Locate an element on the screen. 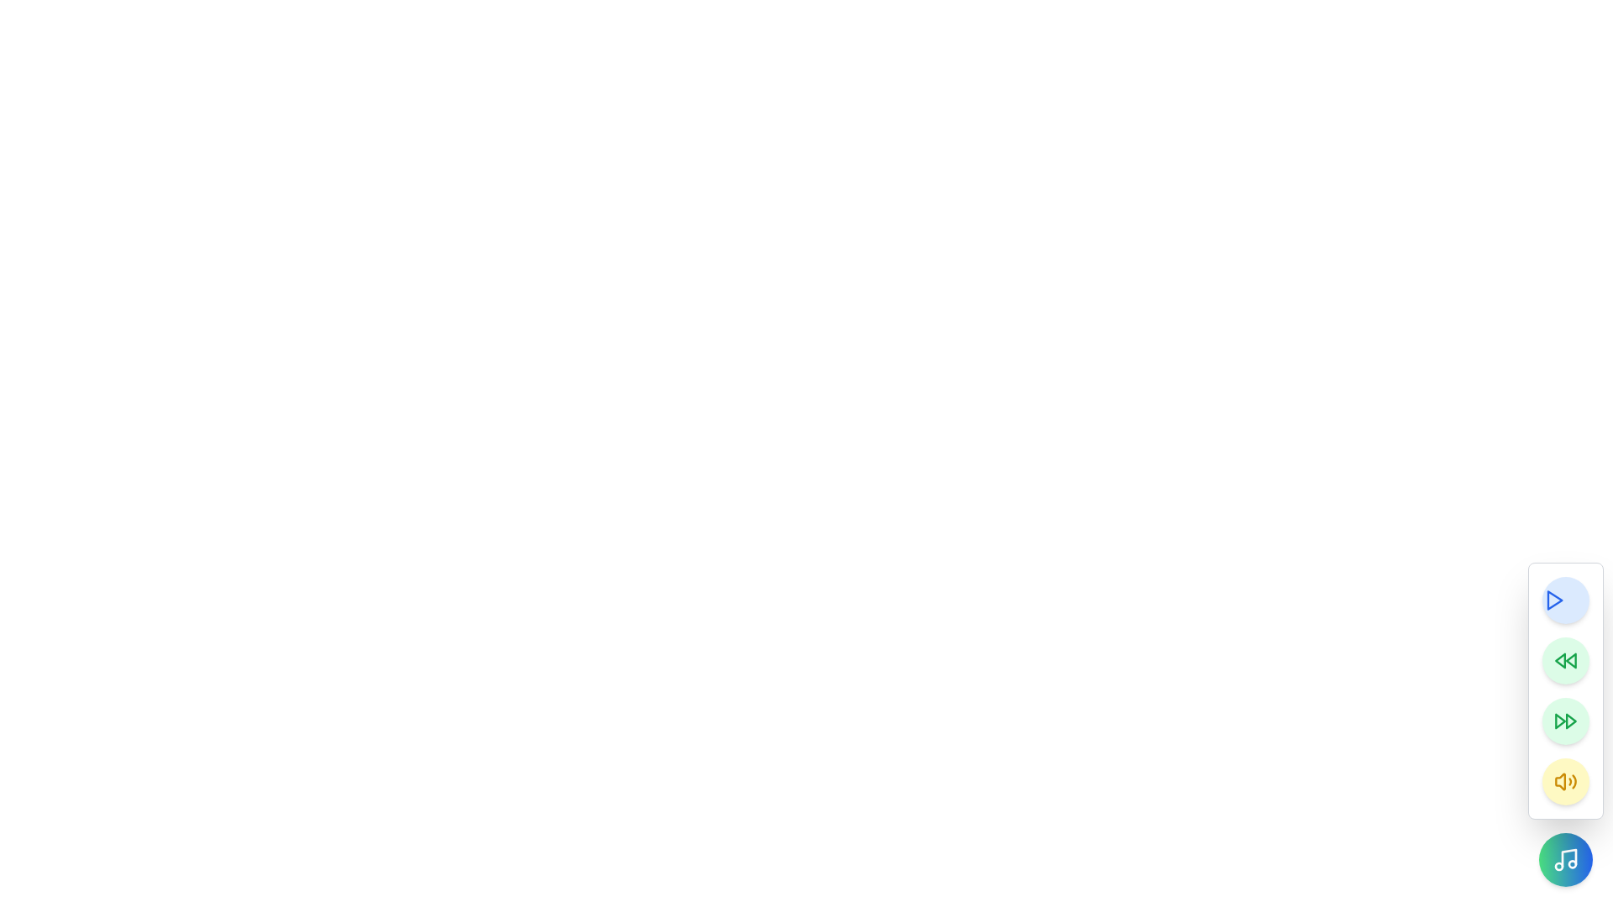 The width and height of the screenshot is (1613, 907). the rewind icon, which is a double-triangle shaped icon filled with a green hue, located centrally within a green circular button on the right-hand sidebar is located at coordinates (1564, 659).